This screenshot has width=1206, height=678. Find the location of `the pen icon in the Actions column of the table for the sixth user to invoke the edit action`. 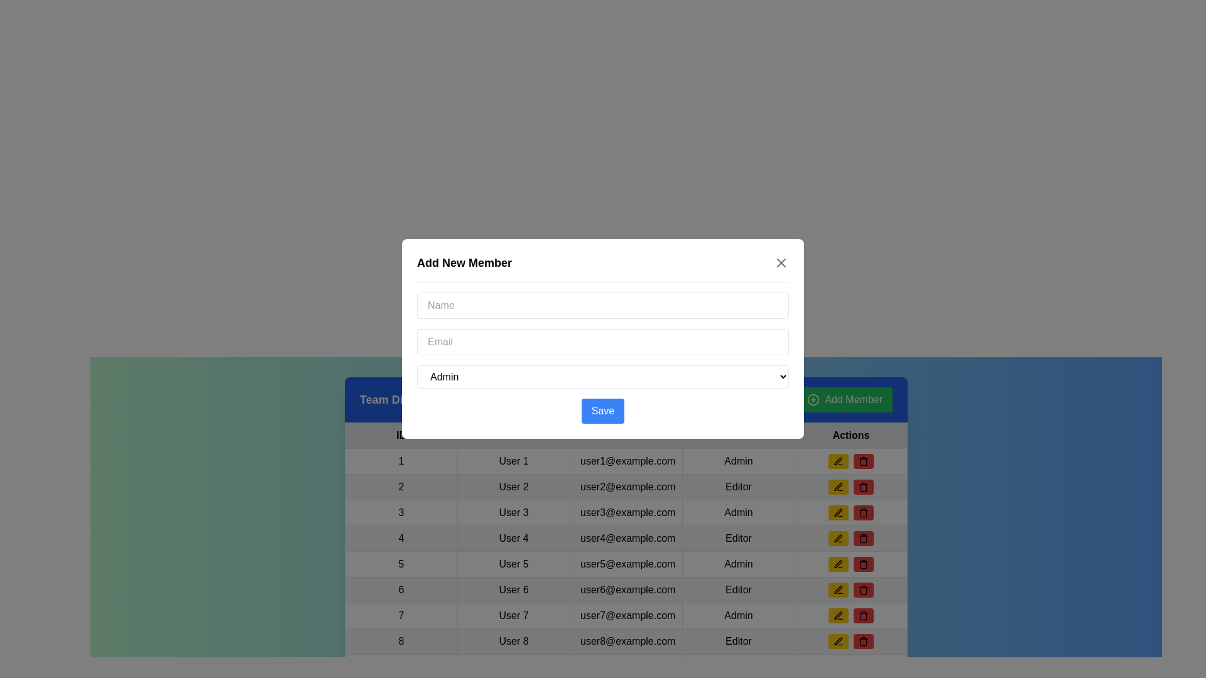

the pen icon in the Actions column of the table for the sixth user to invoke the edit action is located at coordinates (838, 590).